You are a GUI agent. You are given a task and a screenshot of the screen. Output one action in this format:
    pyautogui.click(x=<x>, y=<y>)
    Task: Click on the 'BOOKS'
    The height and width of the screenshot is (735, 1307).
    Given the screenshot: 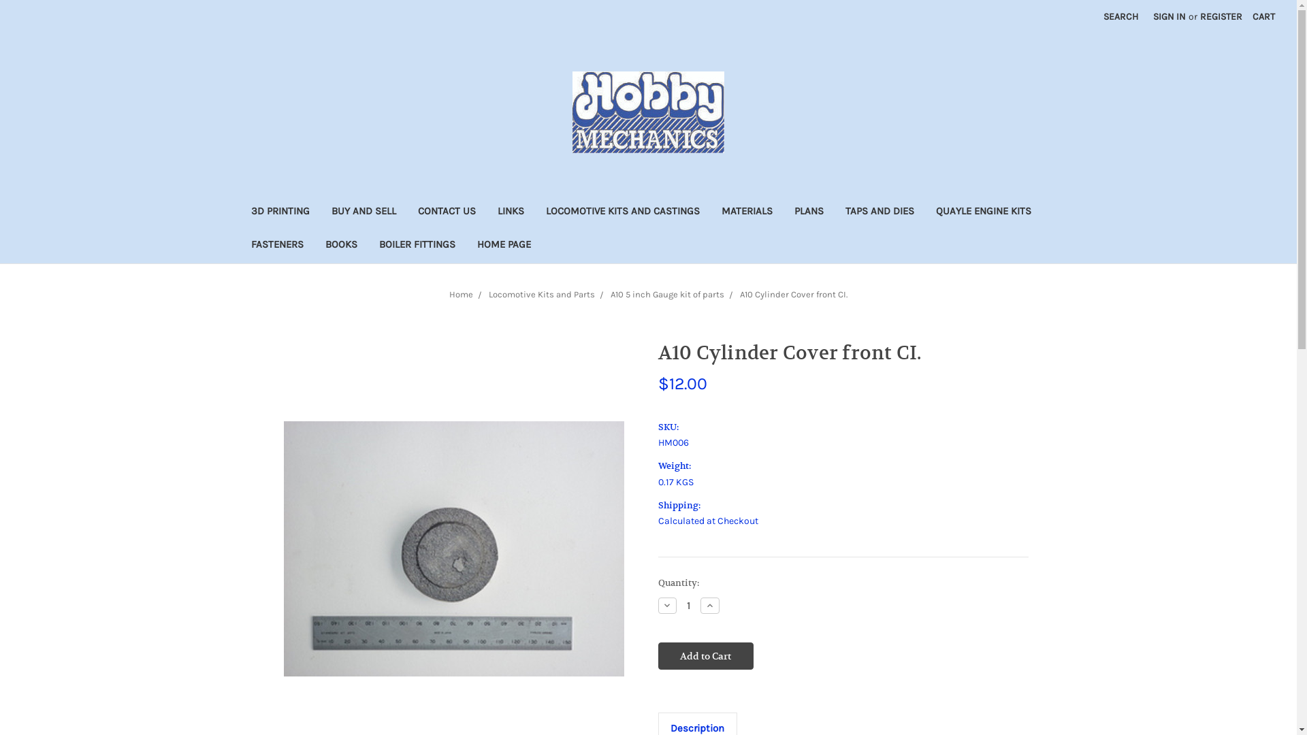 What is the action you would take?
    pyautogui.click(x=313, y=246)
    